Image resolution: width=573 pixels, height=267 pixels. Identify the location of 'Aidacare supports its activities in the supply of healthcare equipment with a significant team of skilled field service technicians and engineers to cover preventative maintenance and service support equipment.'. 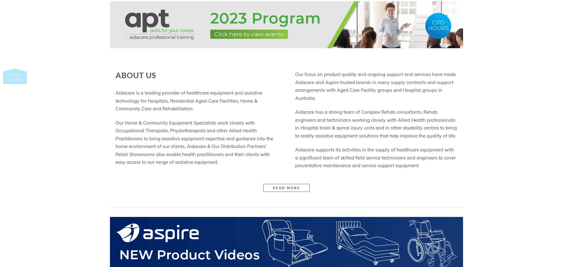
(375, 158).